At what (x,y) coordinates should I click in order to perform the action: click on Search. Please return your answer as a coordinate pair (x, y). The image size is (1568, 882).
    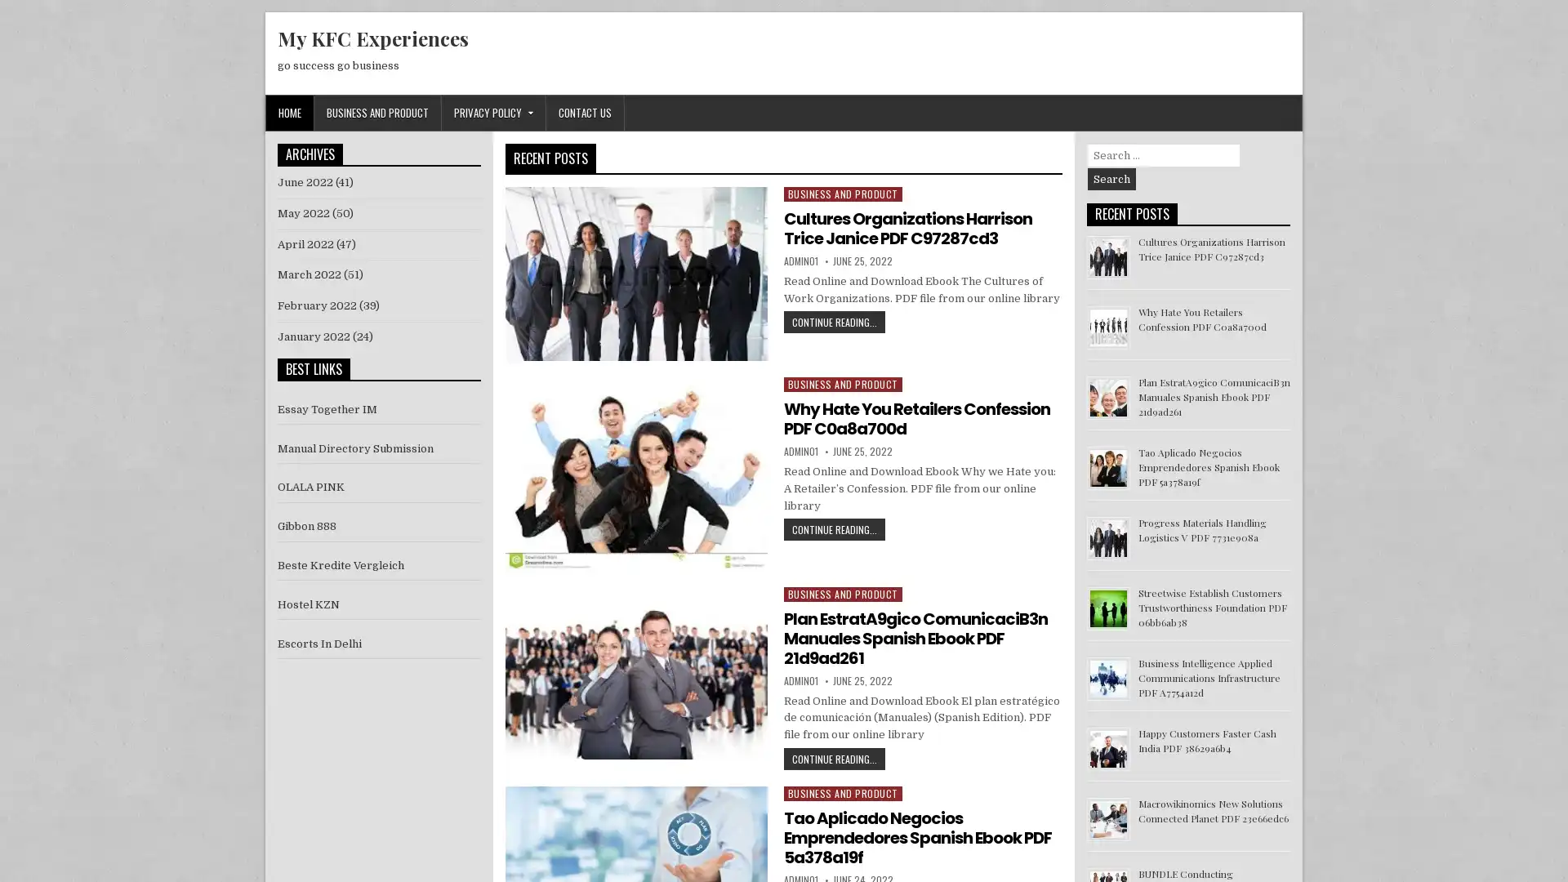
    Looking at the image, I should click on (1111, 179).